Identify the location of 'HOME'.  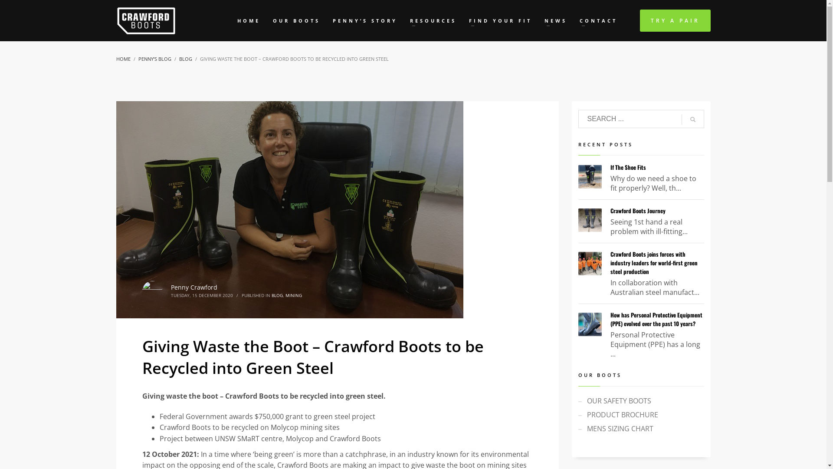
(123, 59).